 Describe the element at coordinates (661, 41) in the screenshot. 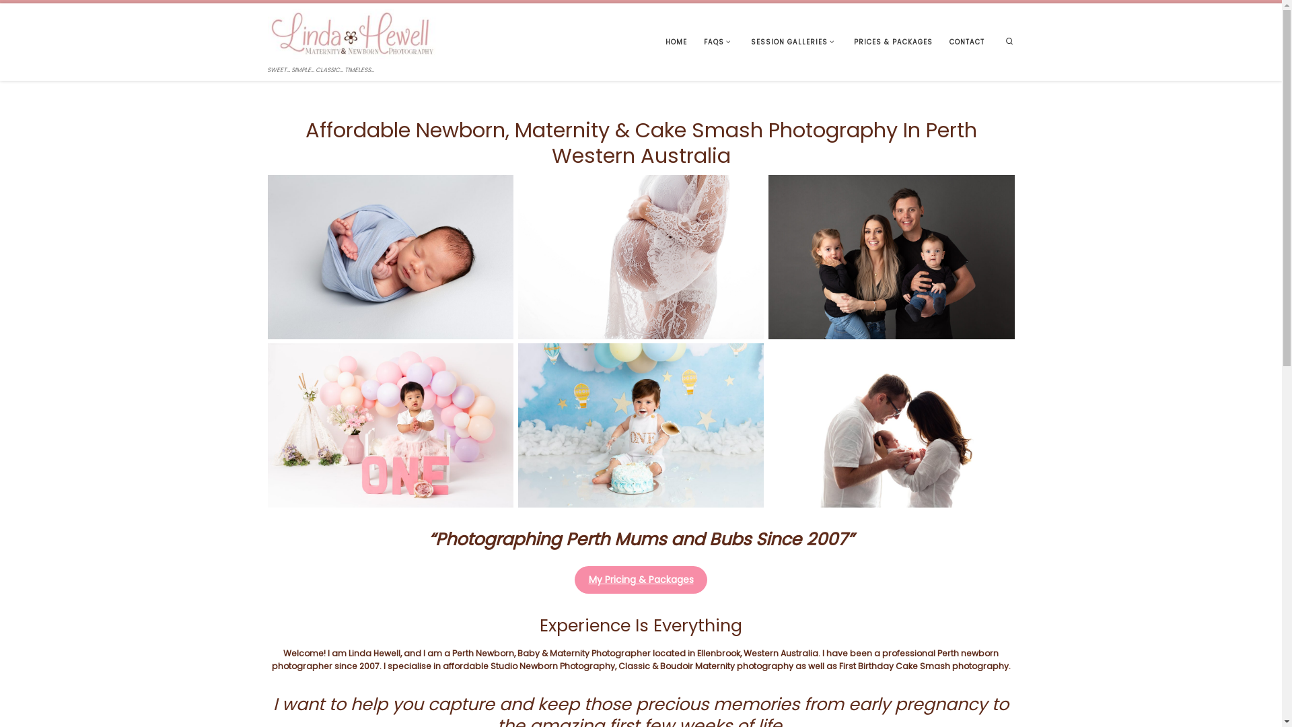

I see `'HOME'` at that location.